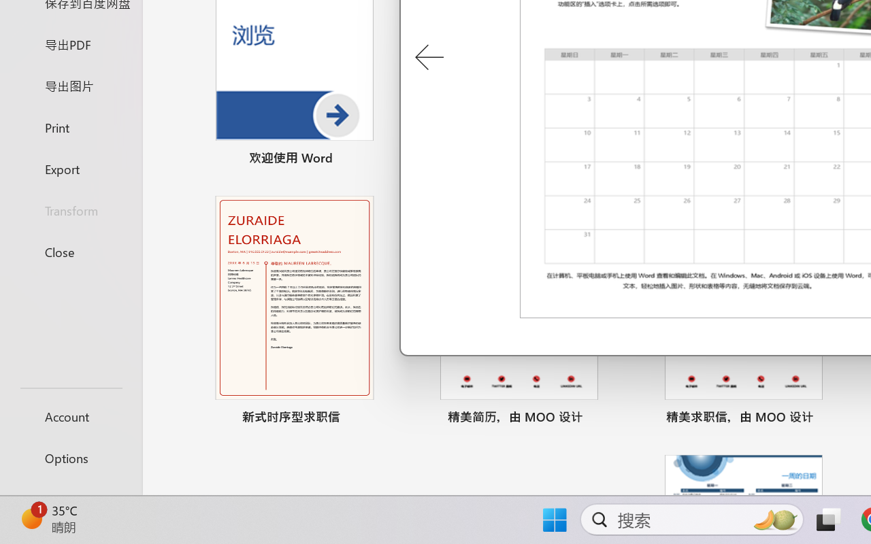  What do you see at coordinates (70, 458) in the screenshot?
I see `'Options'` at bounding box center [70, 458].